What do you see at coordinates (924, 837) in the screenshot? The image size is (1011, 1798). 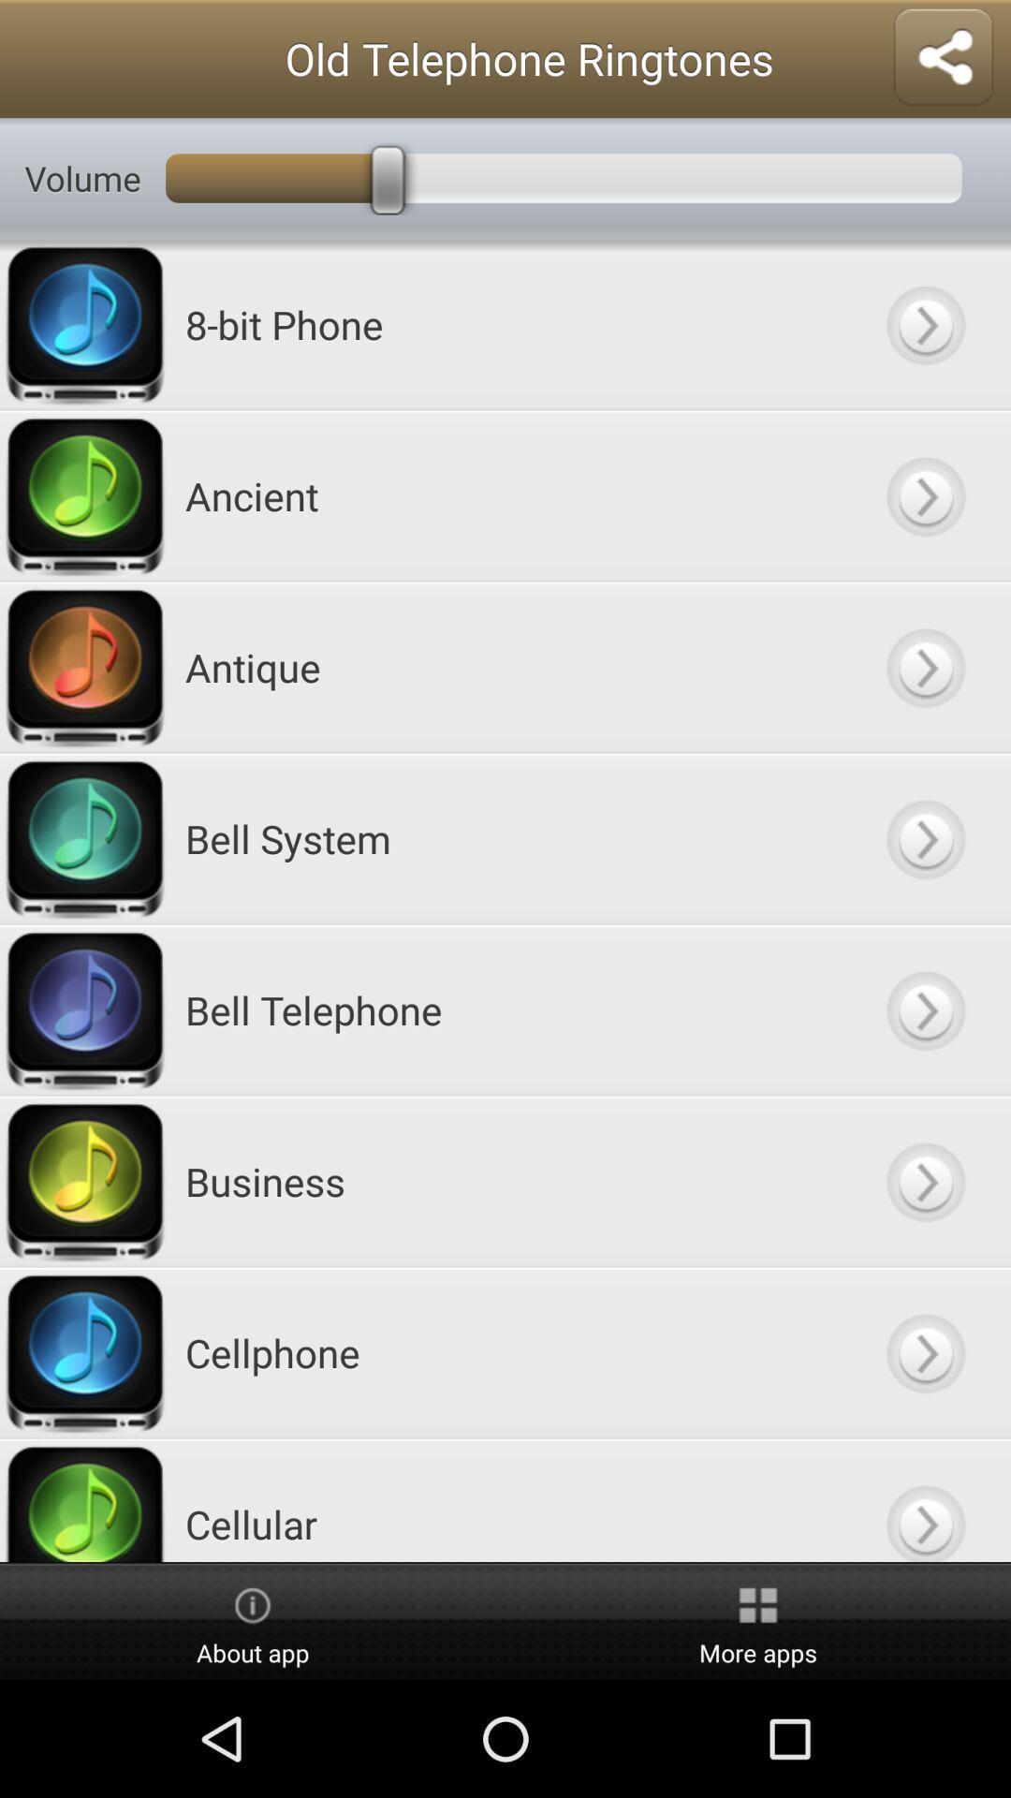 I see `open button` at bounding box center [924, 837].